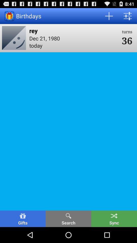 This screenshot has height=243, width=137. What do you see at coordinates (23, 218) in the screenshot?
I see `the icon at the bottom left corner` at bounding box center [23, 218].